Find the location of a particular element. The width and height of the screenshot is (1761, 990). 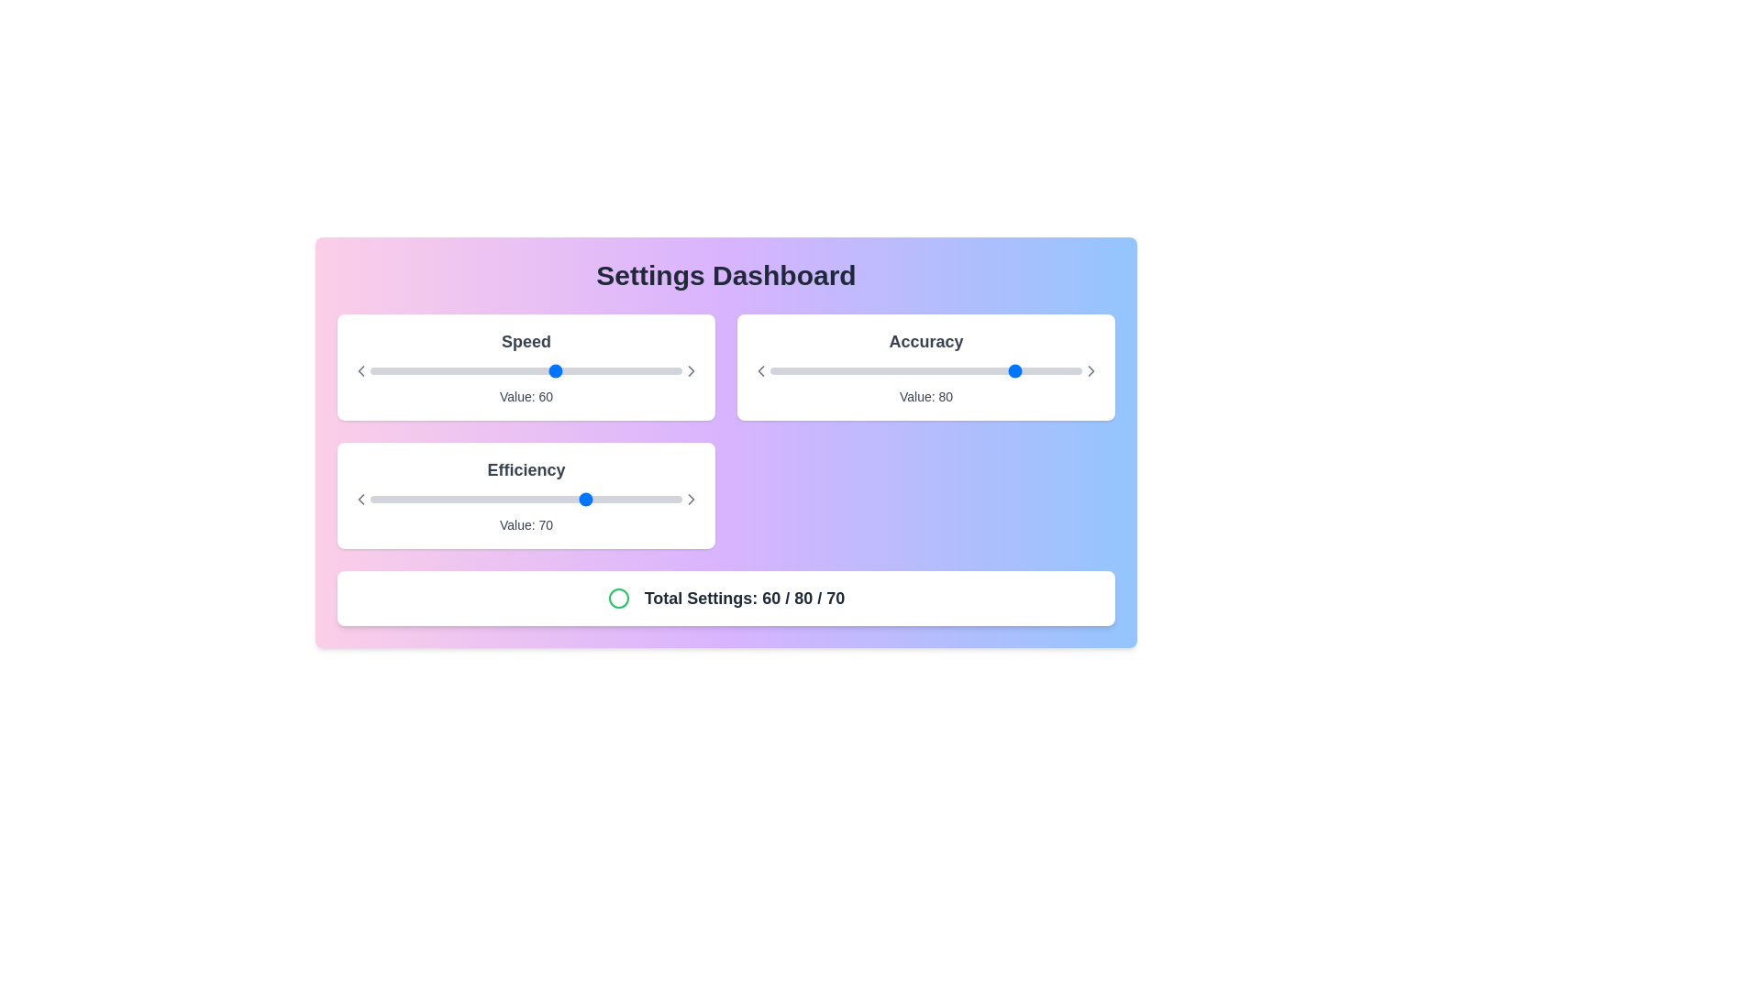

the slider used is located at coordinates (526, 499).